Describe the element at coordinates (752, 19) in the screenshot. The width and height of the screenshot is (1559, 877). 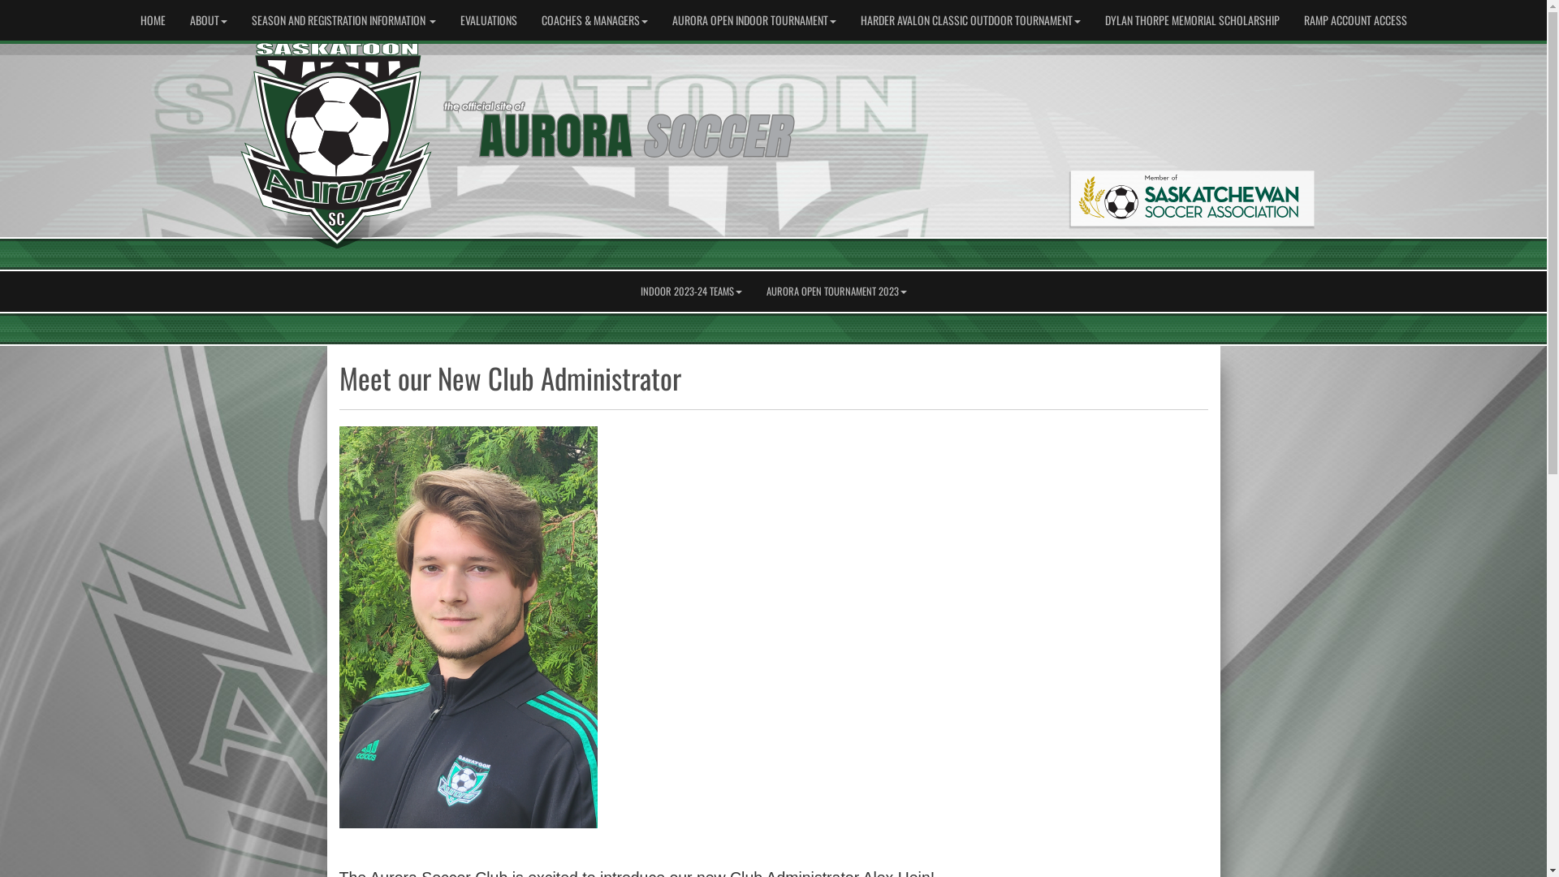
I see `'AURORA OPEN INDOOR TOURNAMENT'` at that location.